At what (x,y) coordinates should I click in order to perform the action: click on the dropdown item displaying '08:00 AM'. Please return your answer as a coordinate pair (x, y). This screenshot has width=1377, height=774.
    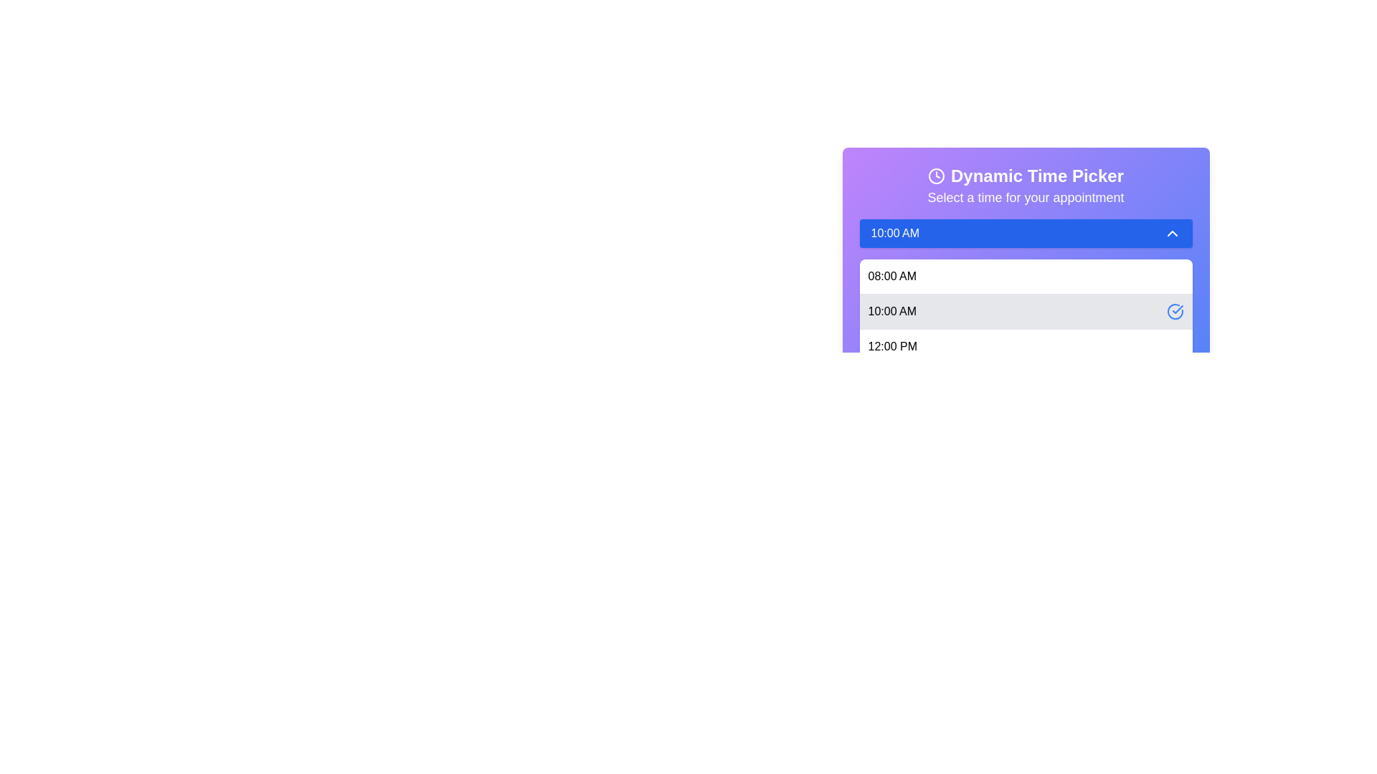
    Looking at the image, I should click on (1025, 276).